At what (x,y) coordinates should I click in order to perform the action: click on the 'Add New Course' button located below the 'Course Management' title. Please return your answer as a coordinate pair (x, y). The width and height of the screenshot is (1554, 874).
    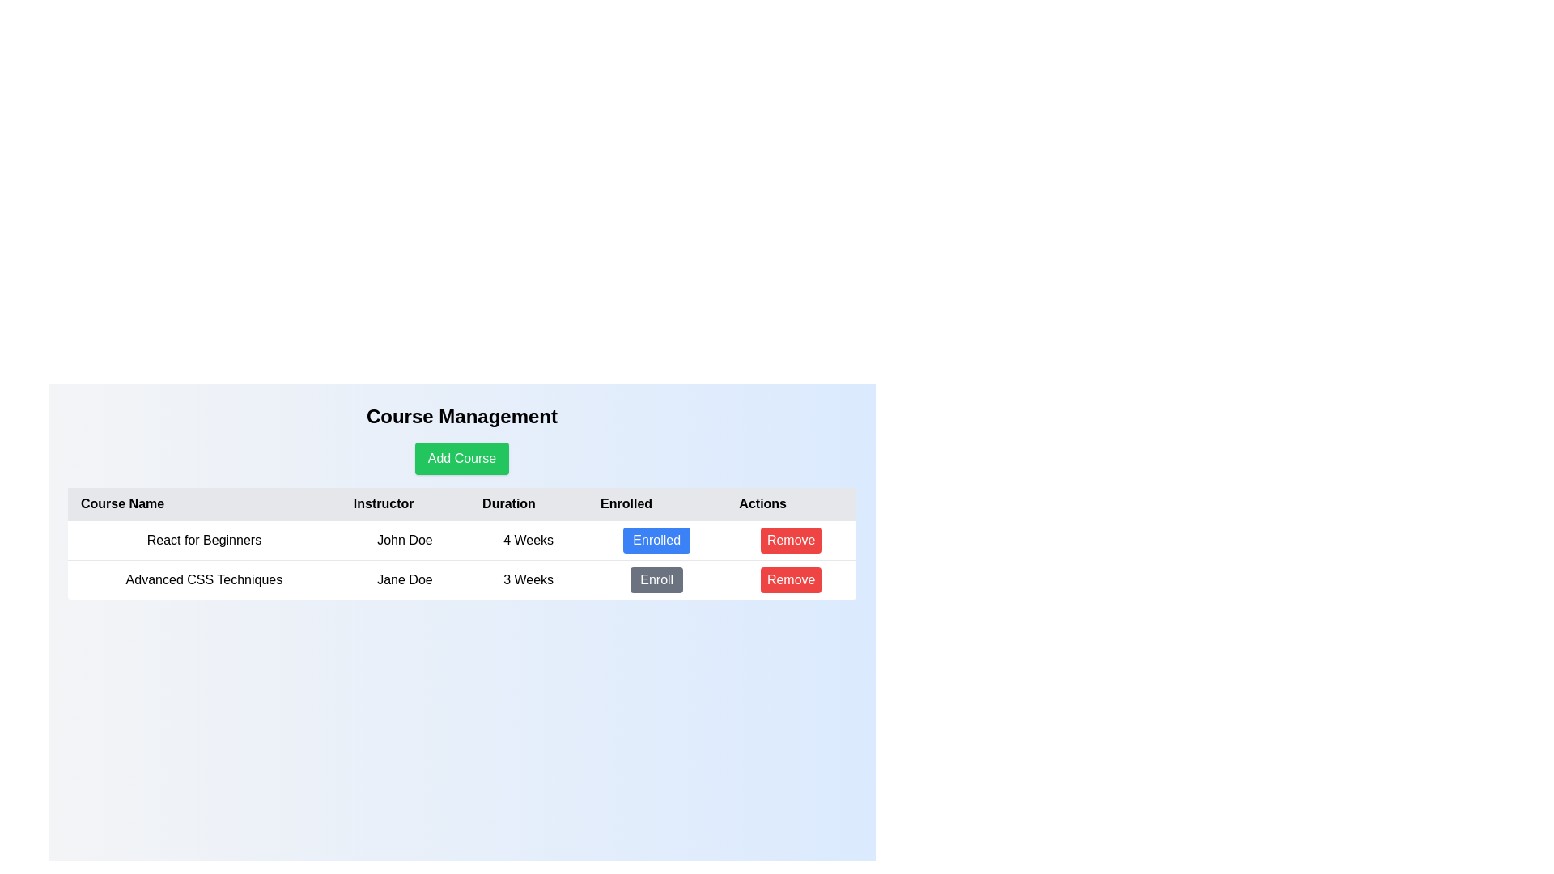
    Looking at the image, I should click on (461, 459).